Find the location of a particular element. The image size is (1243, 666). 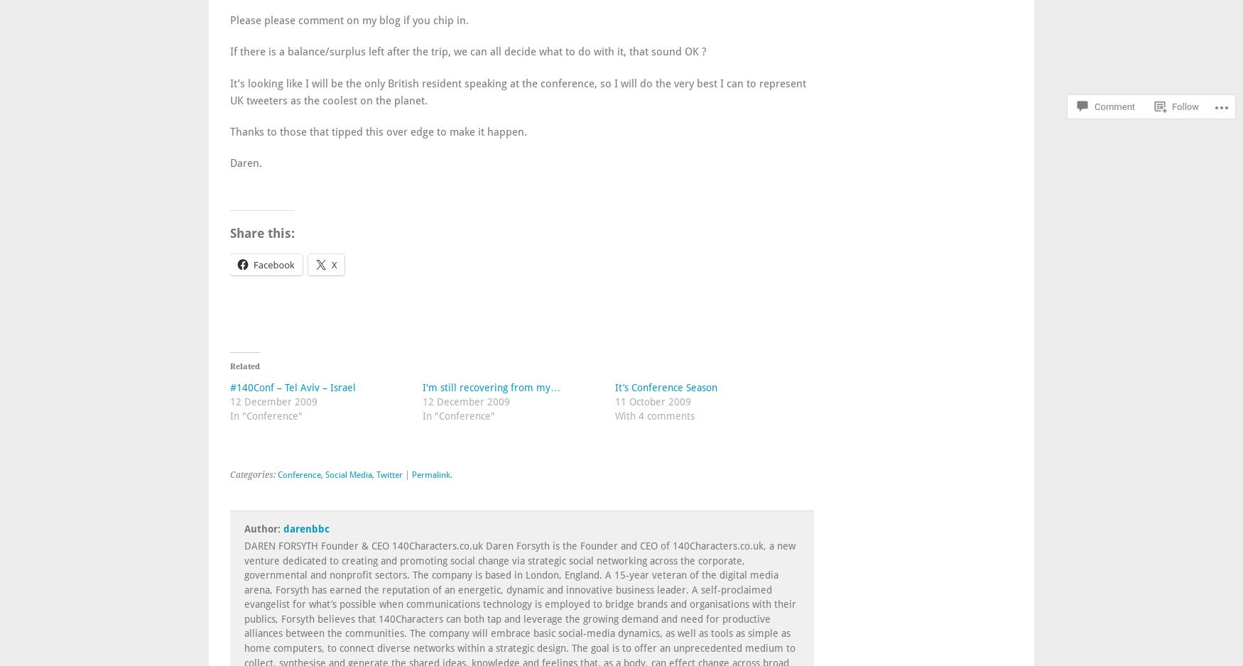

'Comment' is located at coordinates (1114, 68).